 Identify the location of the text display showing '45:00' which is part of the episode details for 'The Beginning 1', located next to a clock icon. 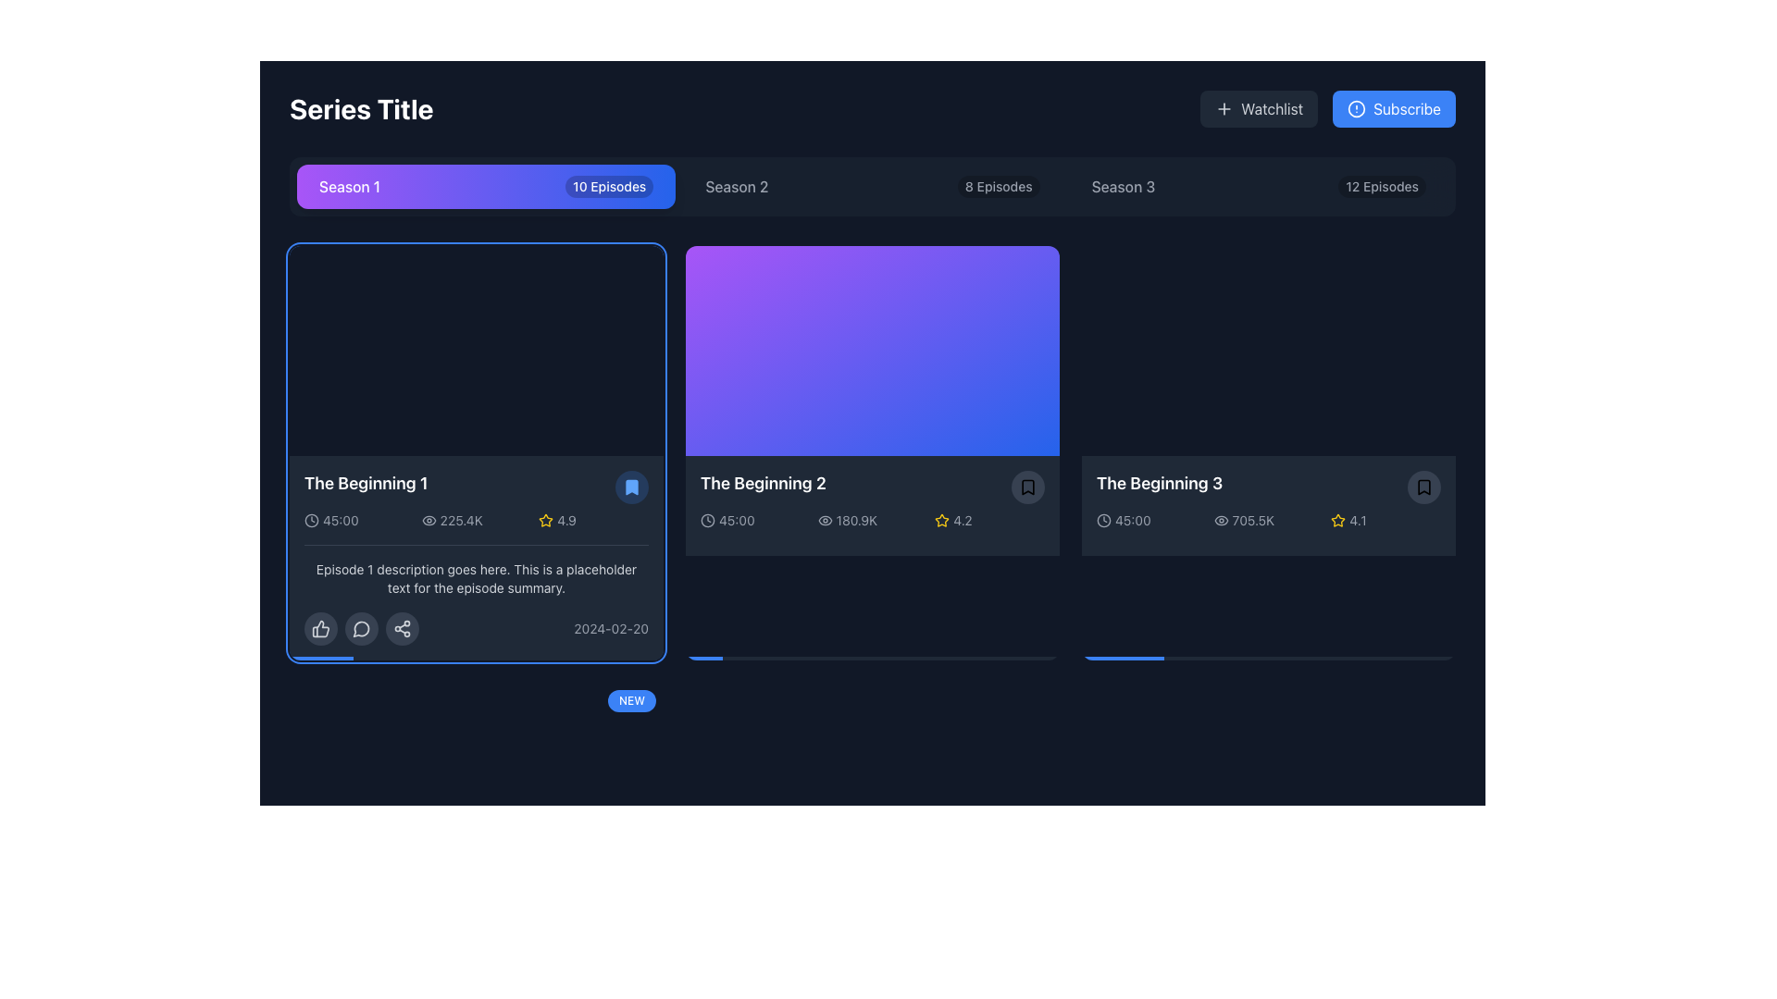
(341, 521).